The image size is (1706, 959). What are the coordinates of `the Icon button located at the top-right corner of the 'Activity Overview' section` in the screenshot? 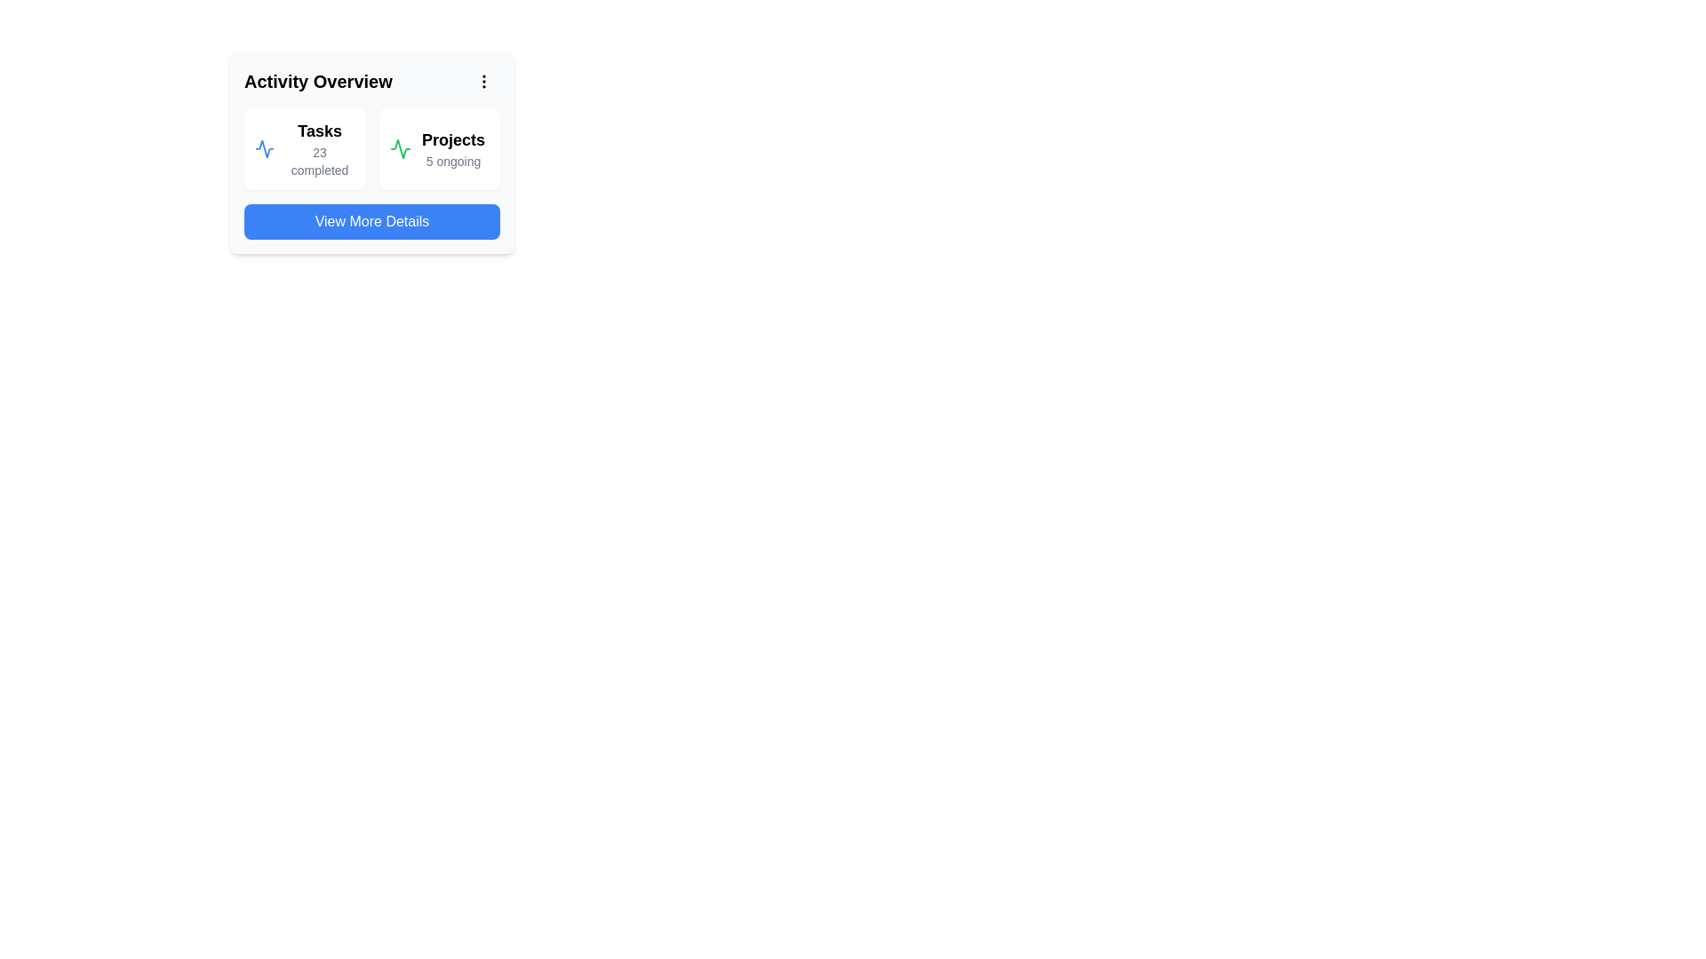 It's located at (484, 82).